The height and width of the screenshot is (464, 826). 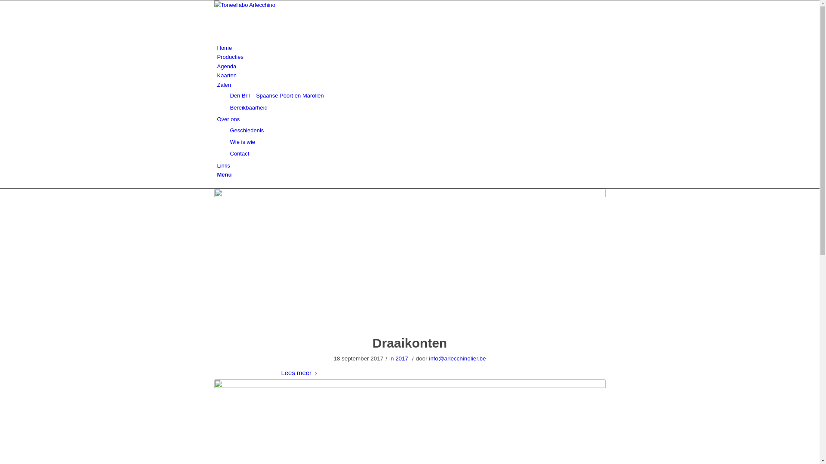 I want to click on '2017', so click(x=401, y=358).